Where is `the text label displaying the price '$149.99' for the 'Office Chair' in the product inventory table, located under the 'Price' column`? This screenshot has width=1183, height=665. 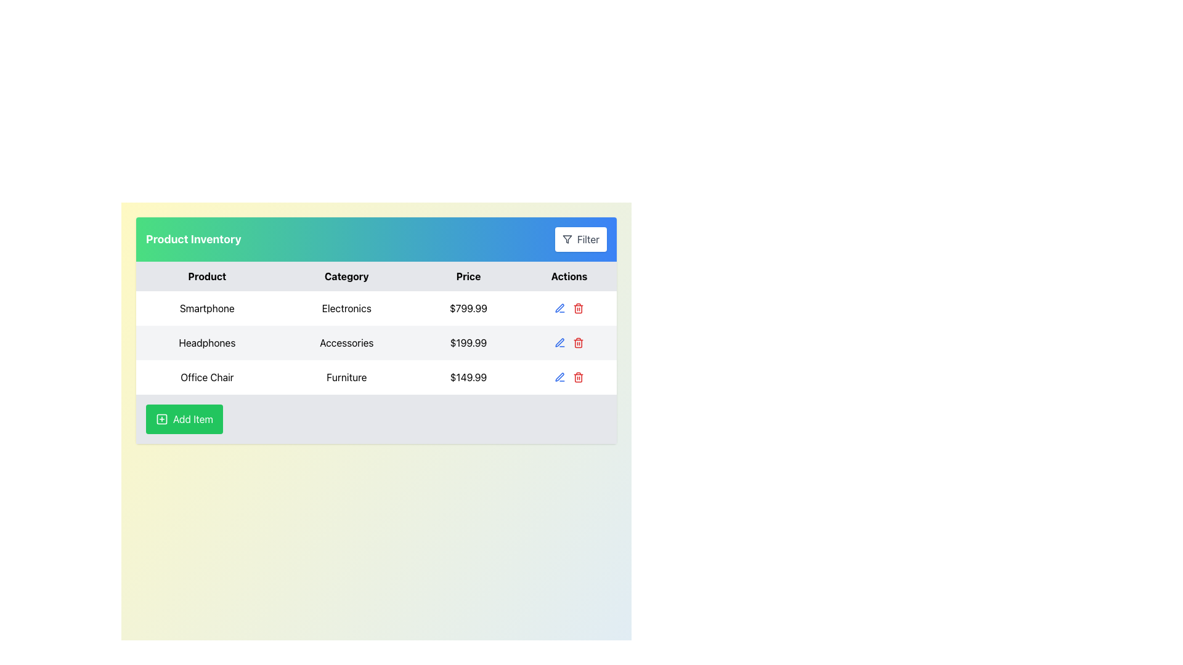
the text label displaying the price '$149.99' for the 'Office Chair' in the product inventory table, located under the 'Price' column is located at coordinates (468, 377).